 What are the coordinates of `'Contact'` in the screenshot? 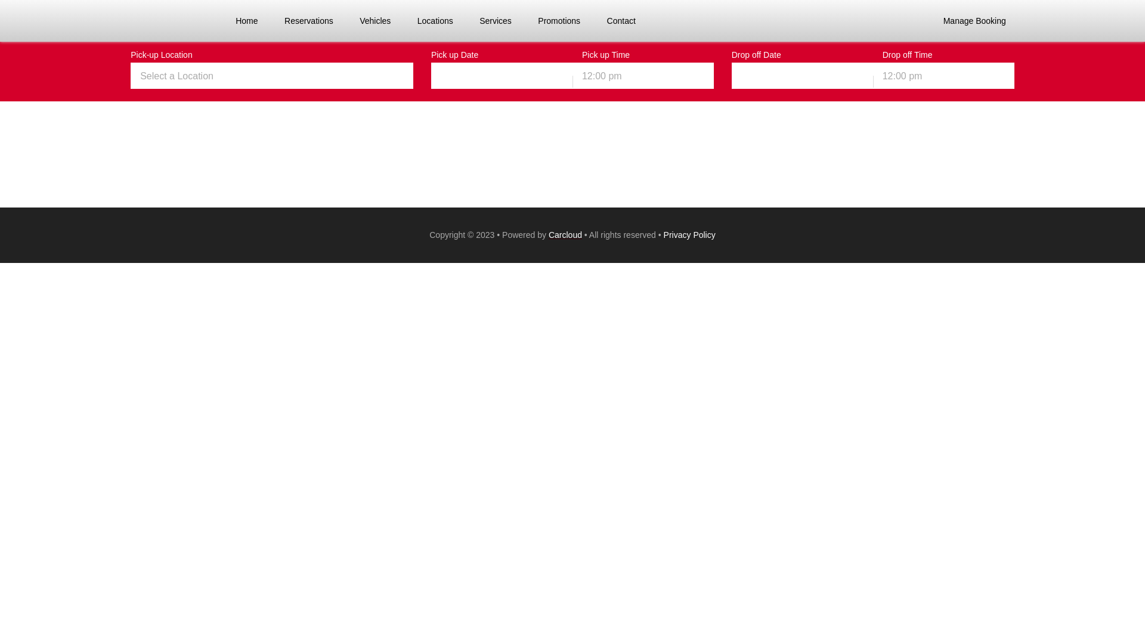 It's located at (620, 20).